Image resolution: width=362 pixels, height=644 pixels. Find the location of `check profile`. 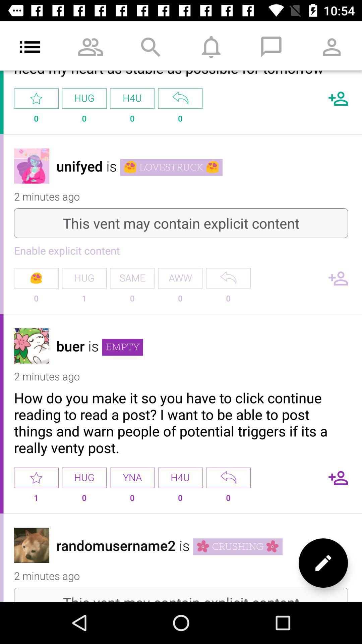

check profile is located at coordinates (32, 166).